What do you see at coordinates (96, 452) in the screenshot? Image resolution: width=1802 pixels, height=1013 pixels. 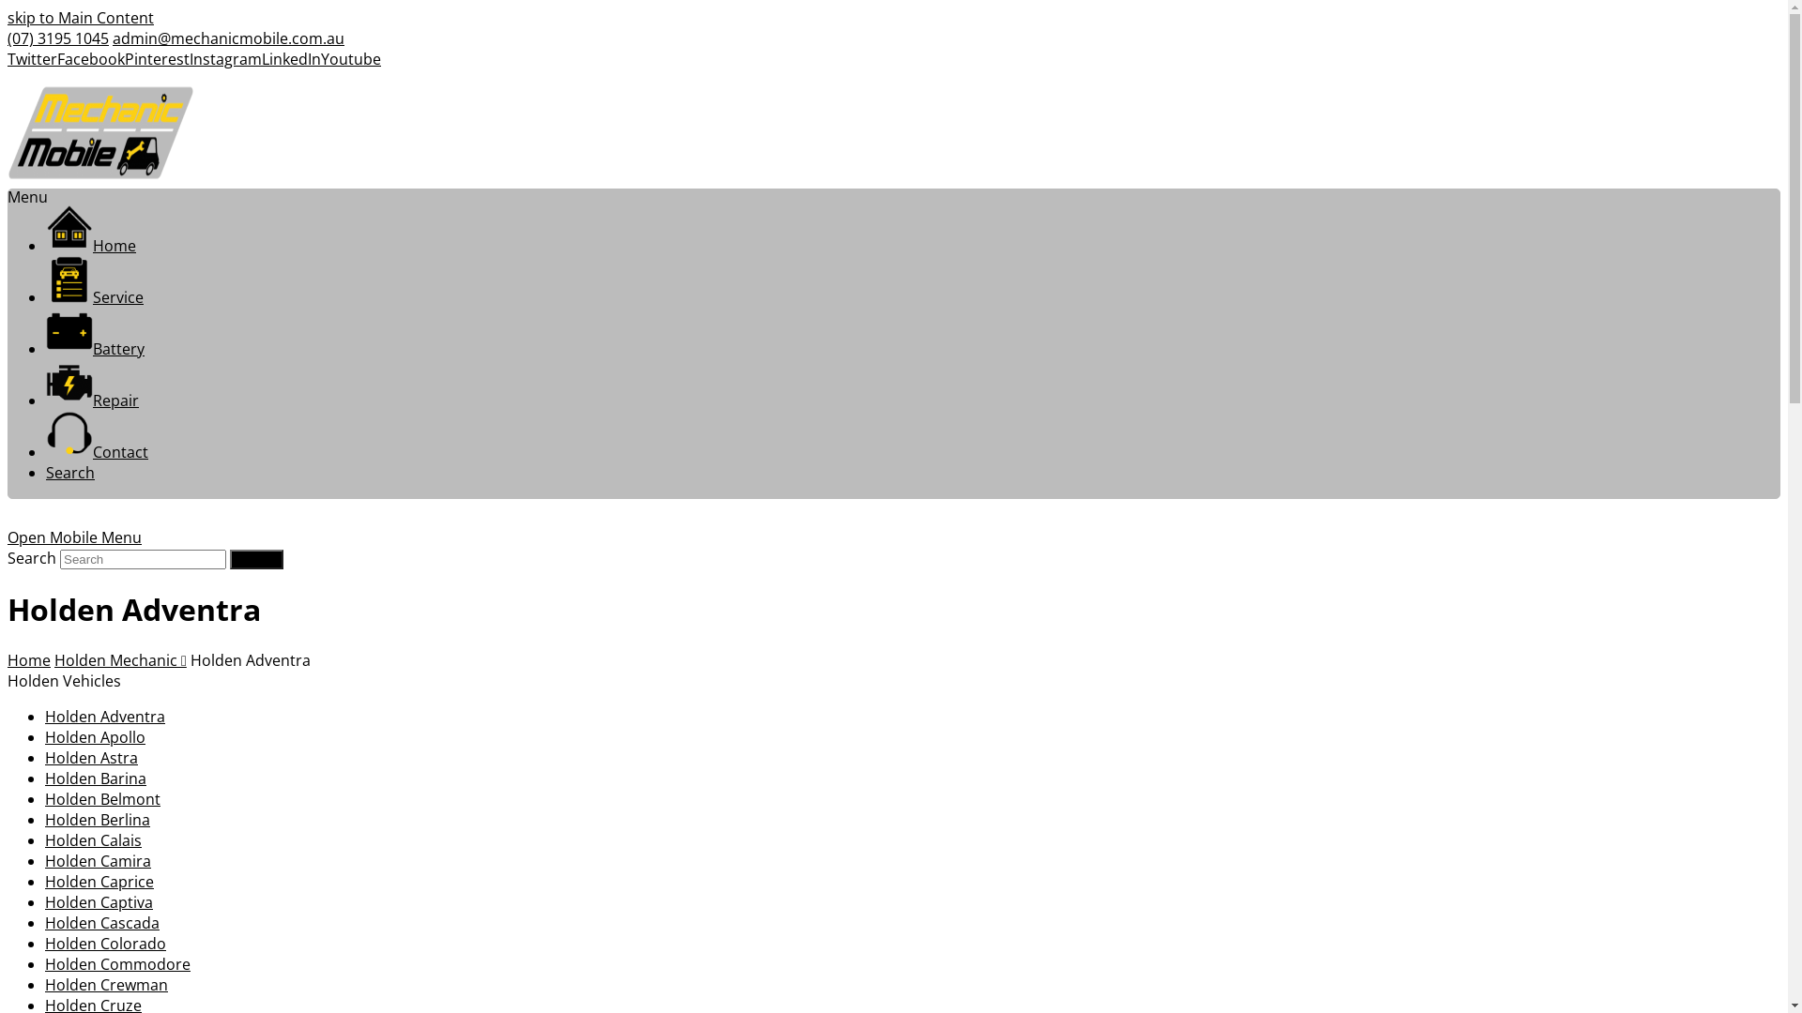 I see `'Contact'` at bounding box center [96, 452].